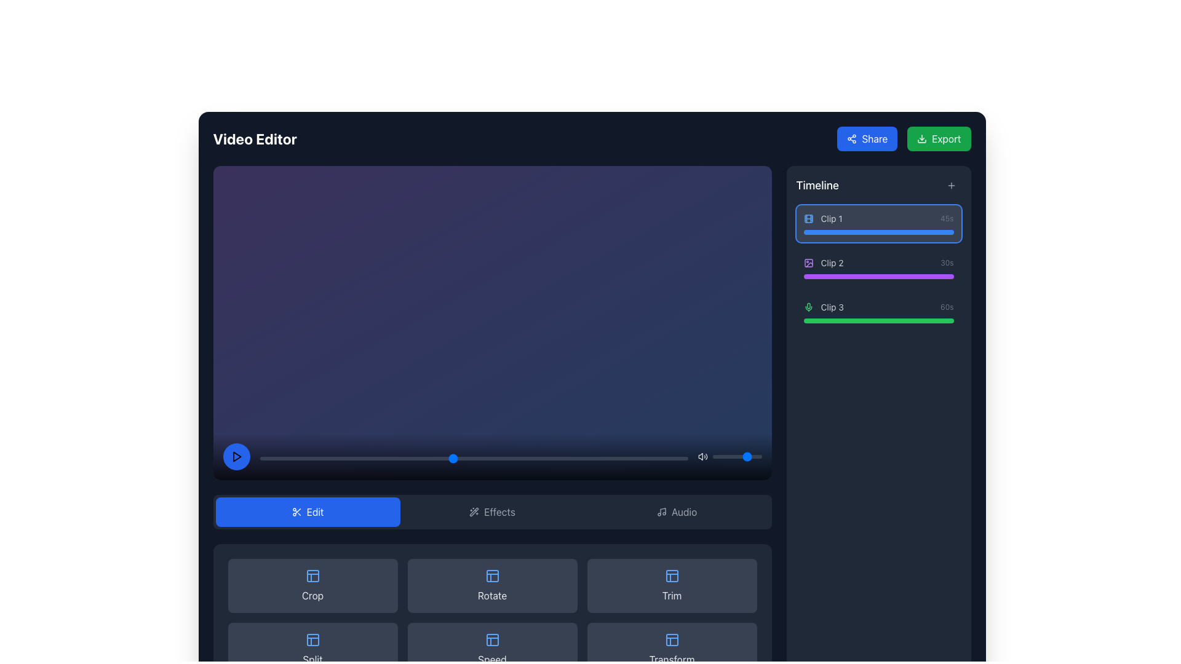 The width and height of the screenshot is (1181, 664). Describe the element at coordinates (671, 595) in the screenshot. I see `the 'Trim' label located below the blue 'Edit' button in the 'Edit' section of the interface` at that location.